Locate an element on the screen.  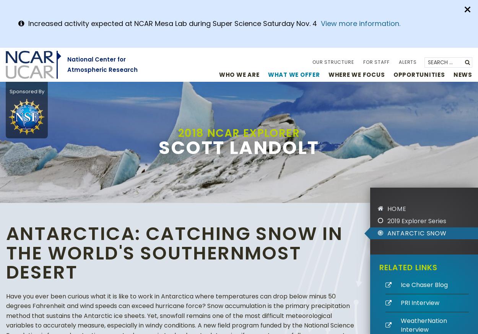
'Related Links' is located at coordinates (408, 267).